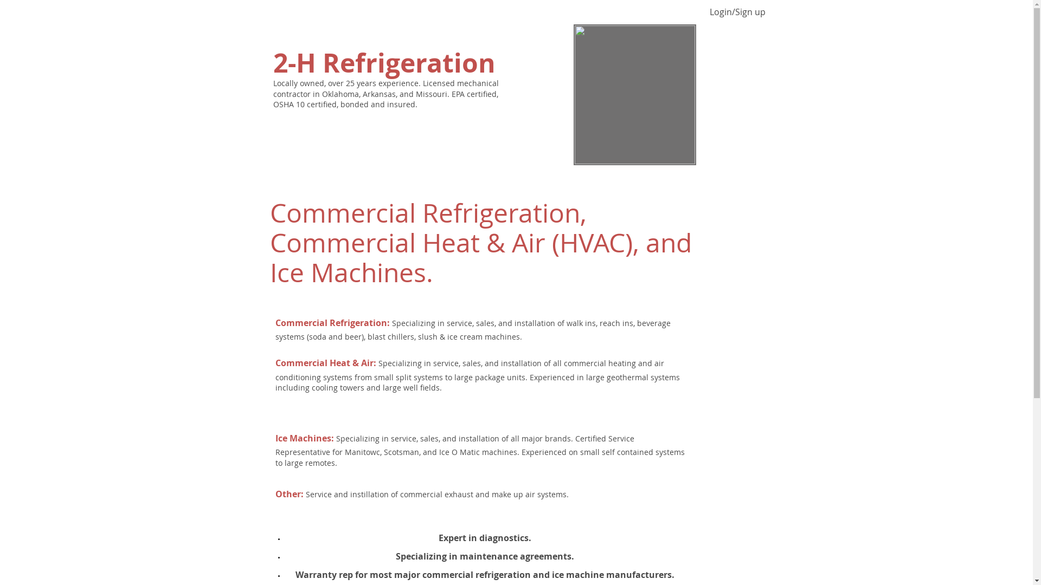 Image resolution: width=1041 pixels, height=585 pixels. Describe the element at coordinates (703, 12) in the screenshot. I see `'Login/Sign up'` at that location.